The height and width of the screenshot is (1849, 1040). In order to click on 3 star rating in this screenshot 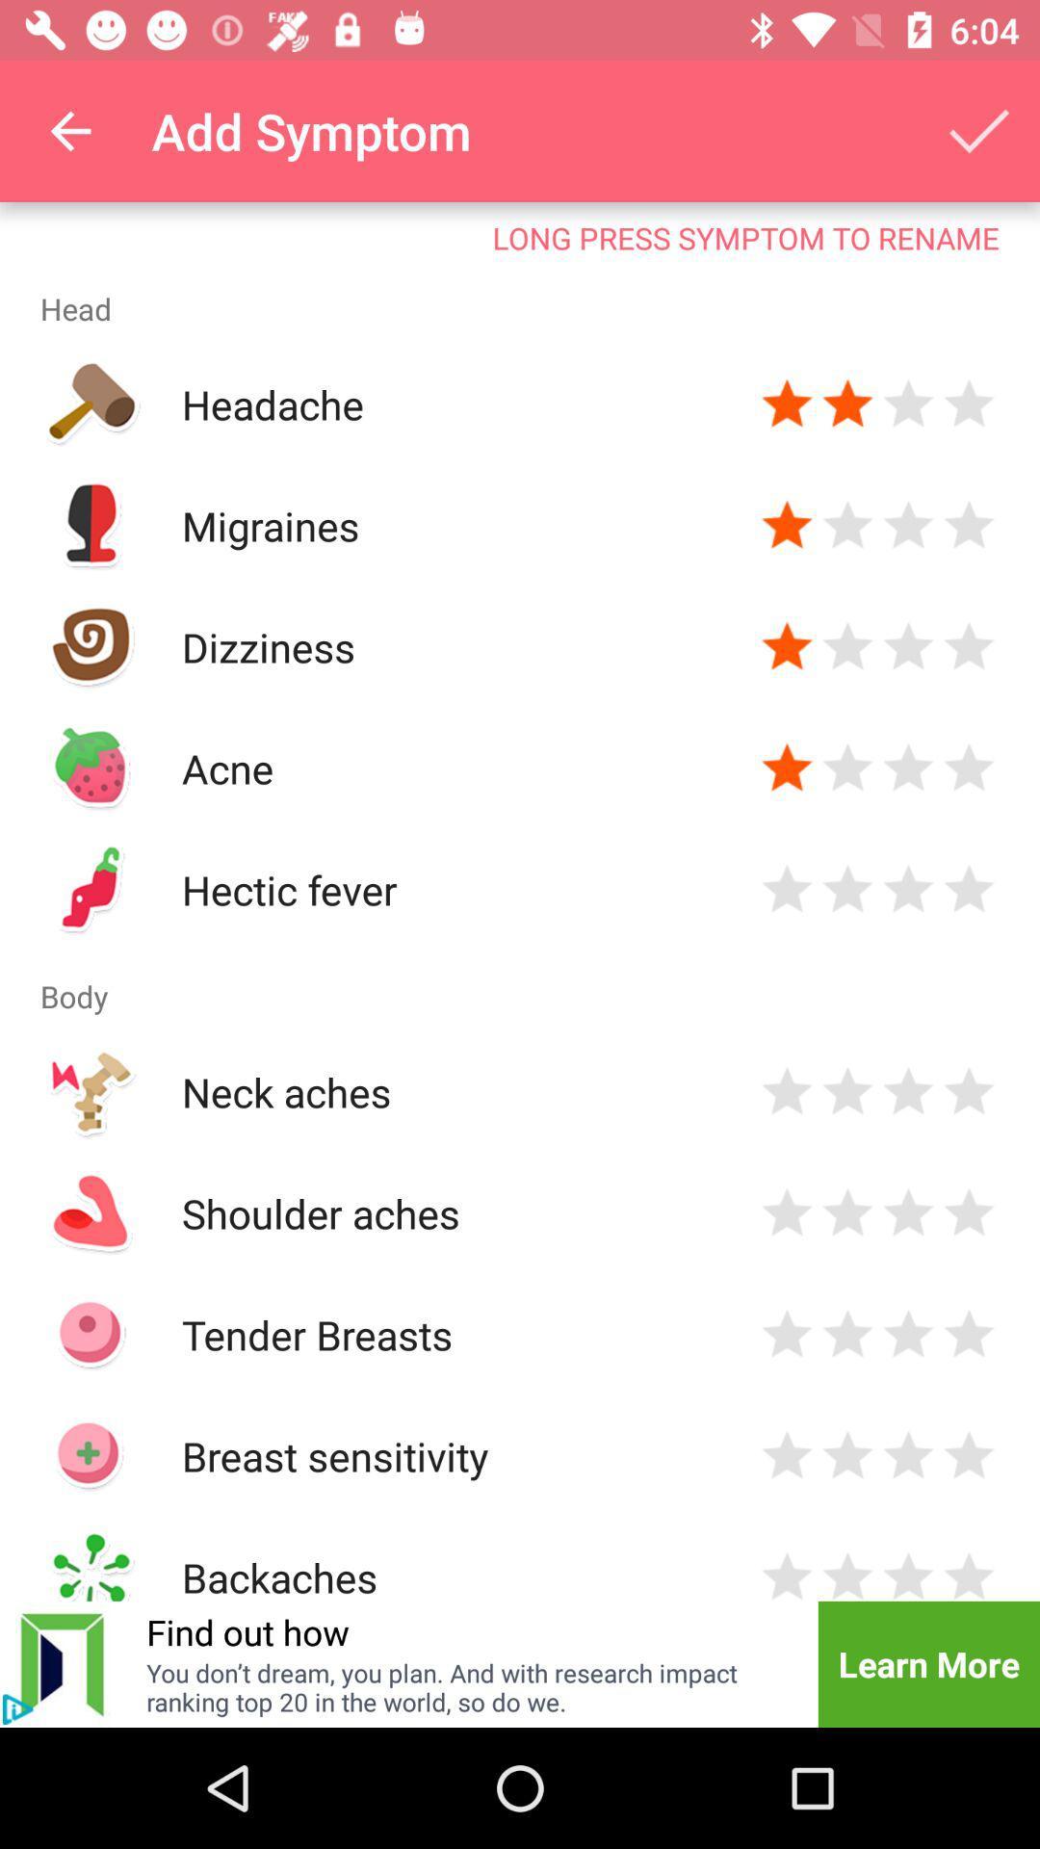, I will do `click(908, 889)`.